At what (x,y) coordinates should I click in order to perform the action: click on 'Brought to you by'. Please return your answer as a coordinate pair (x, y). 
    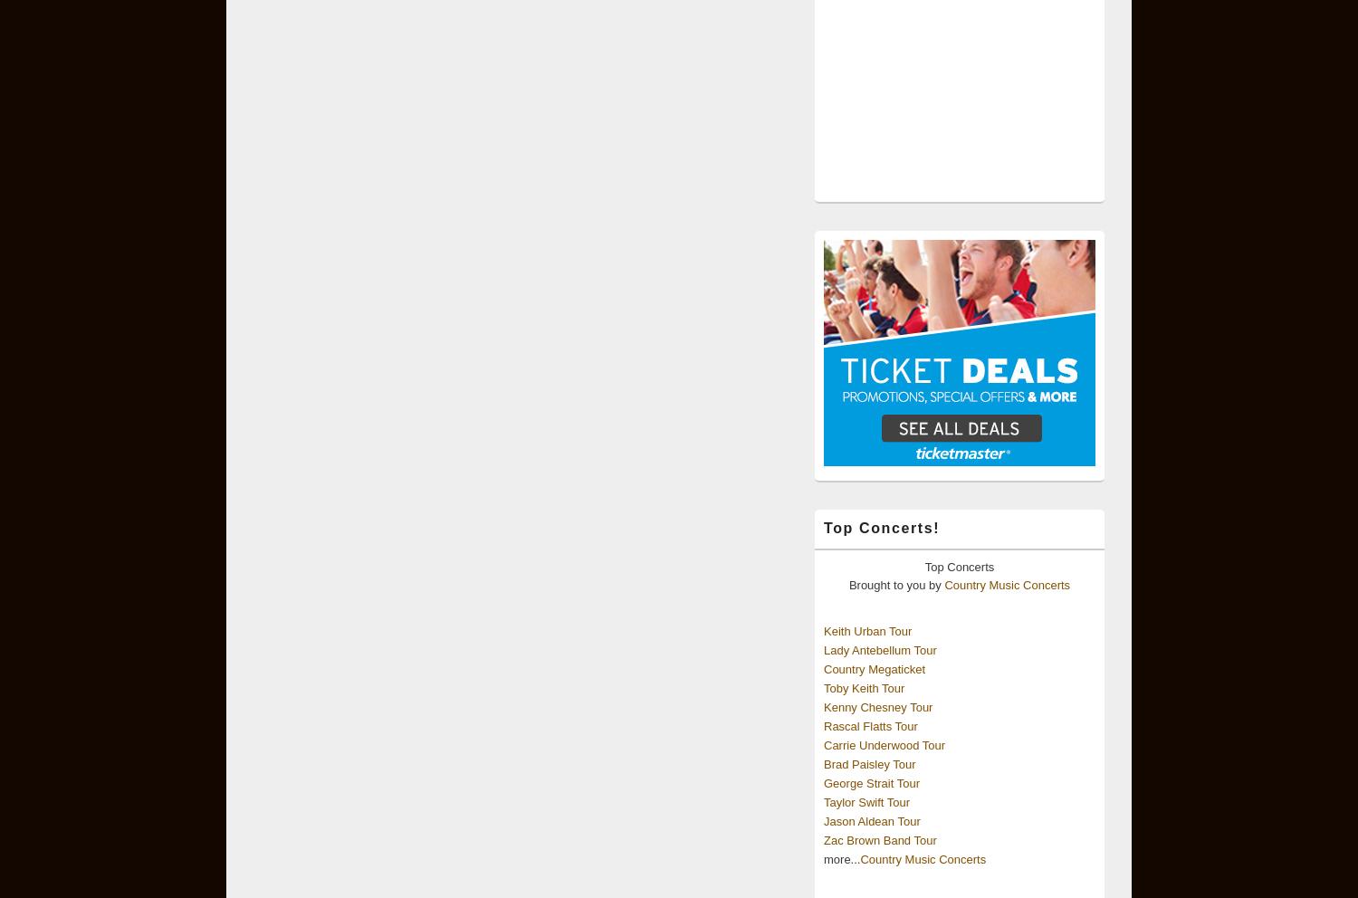
    Looking at the image, I should click on (895, 584).